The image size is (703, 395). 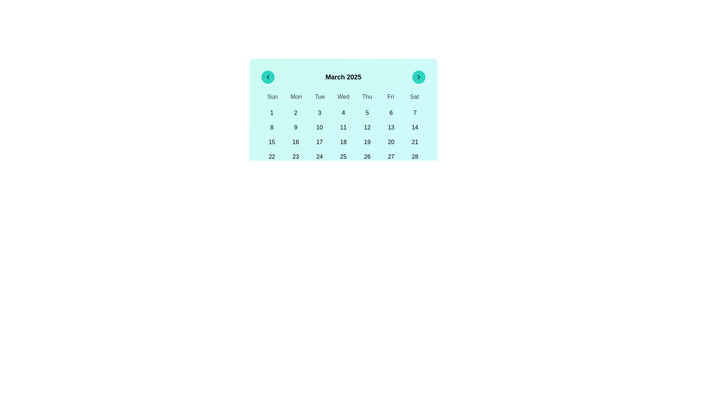 What do you see at coordinates (271, 142) in the screenshot?
I see `the button displaying '15' in the calendar for March 2025` at bounding box center [271, 142].